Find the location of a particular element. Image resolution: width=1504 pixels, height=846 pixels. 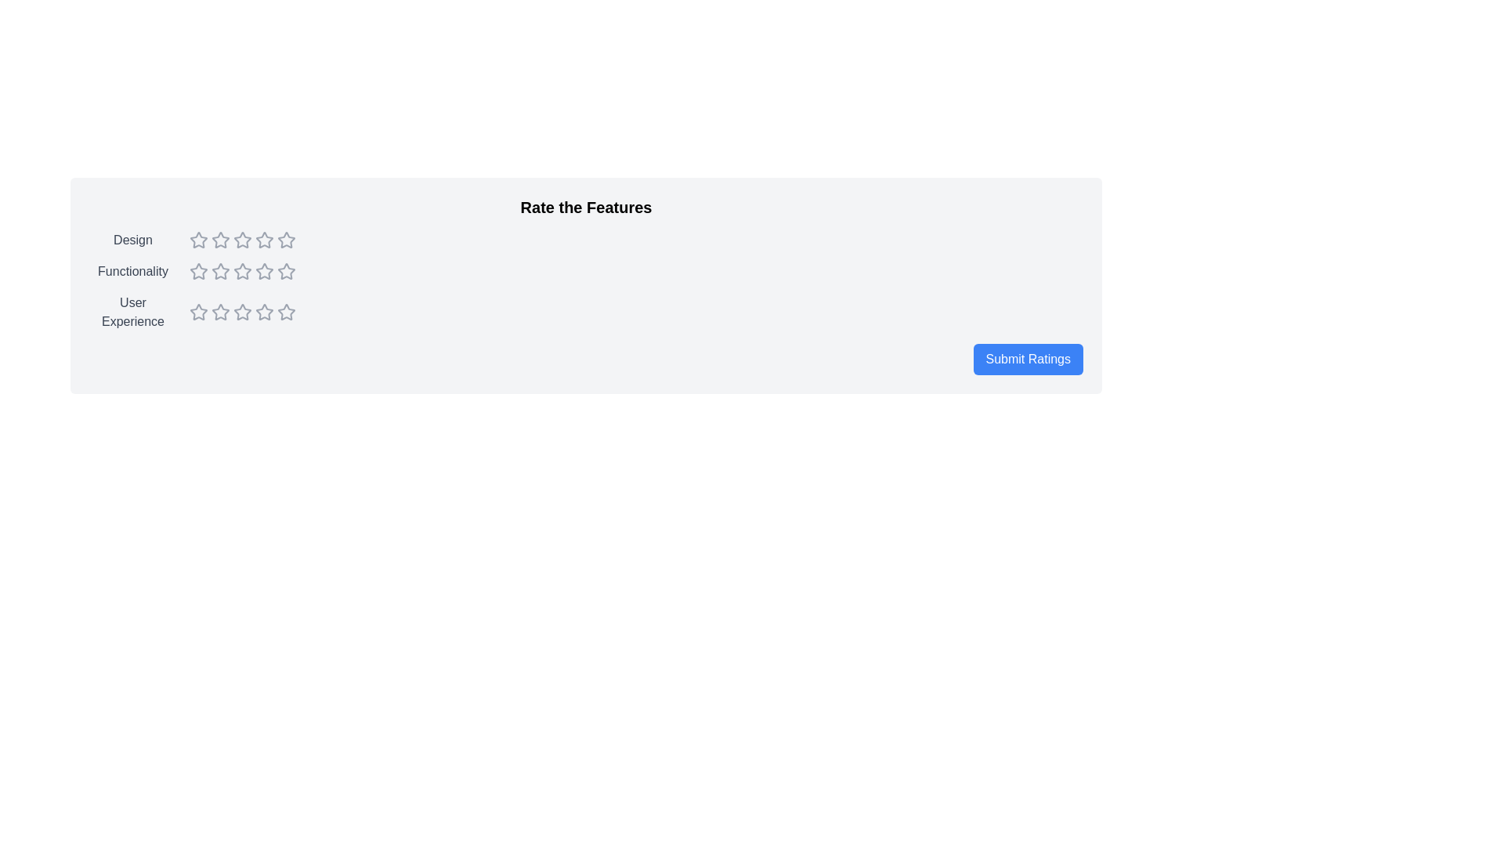

the fifth star icon in the rating section for 'Design' is located at coordinates (286, 240).